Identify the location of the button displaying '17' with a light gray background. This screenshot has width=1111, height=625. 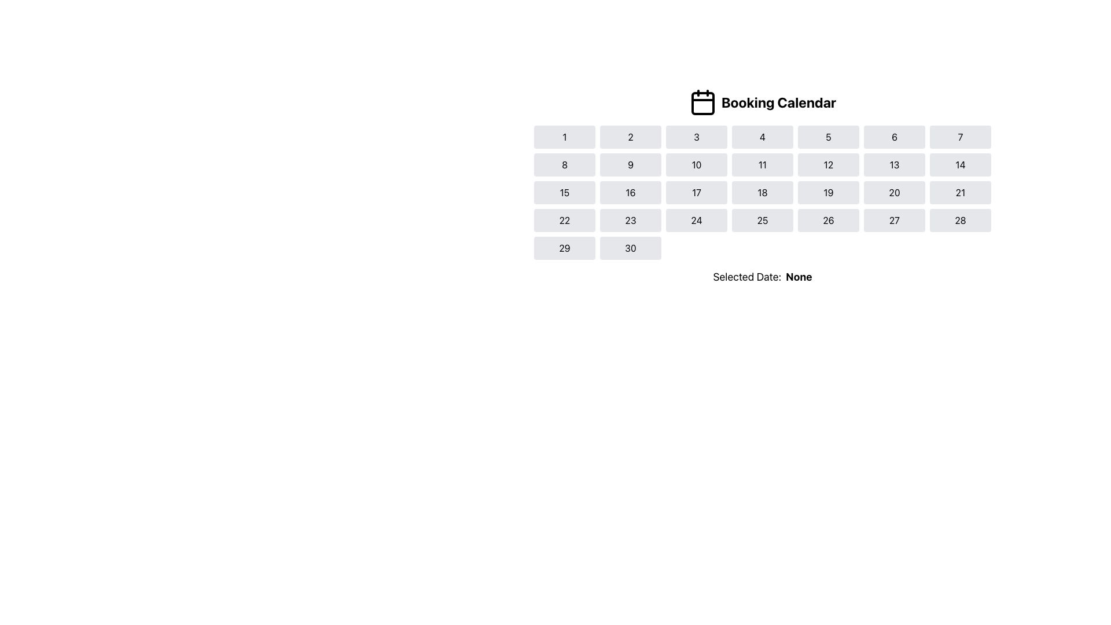
(696, 192).